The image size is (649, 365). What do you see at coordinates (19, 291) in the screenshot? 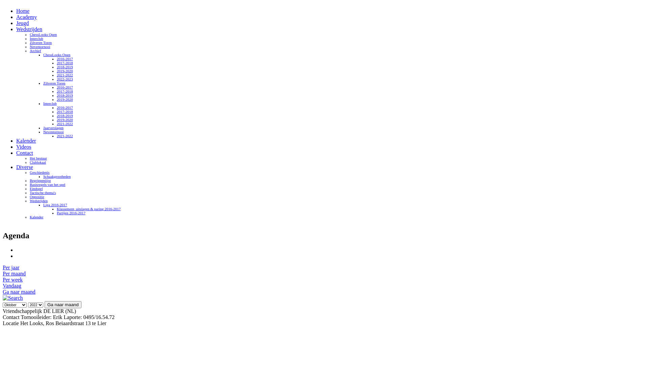
I see `'Ga naar maand'` at bounding box center [19, 291].